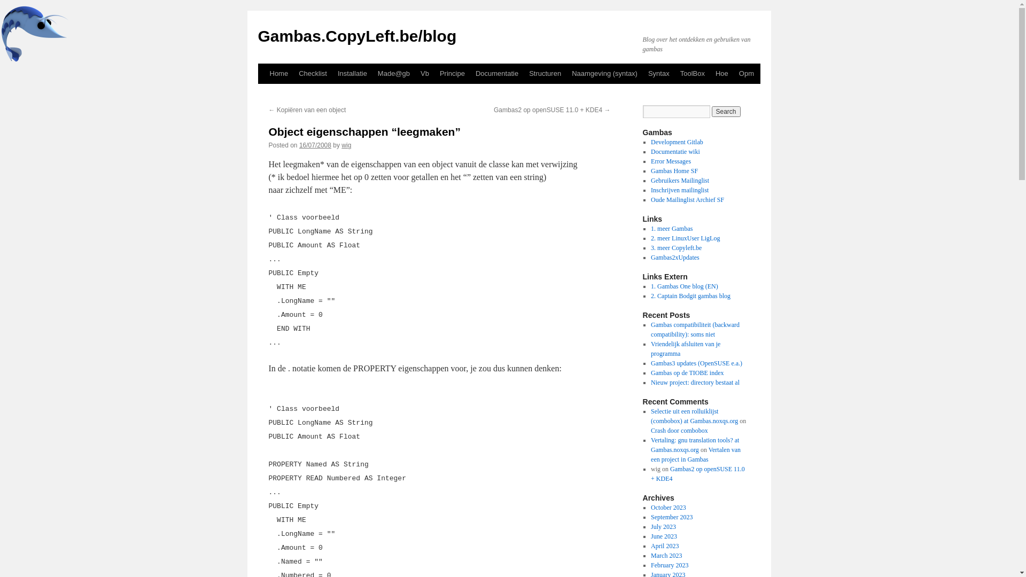 Image resolution: width=1026 pixels, height=577 pixels. I want to click on '16/07/2008', so click(315, 145).